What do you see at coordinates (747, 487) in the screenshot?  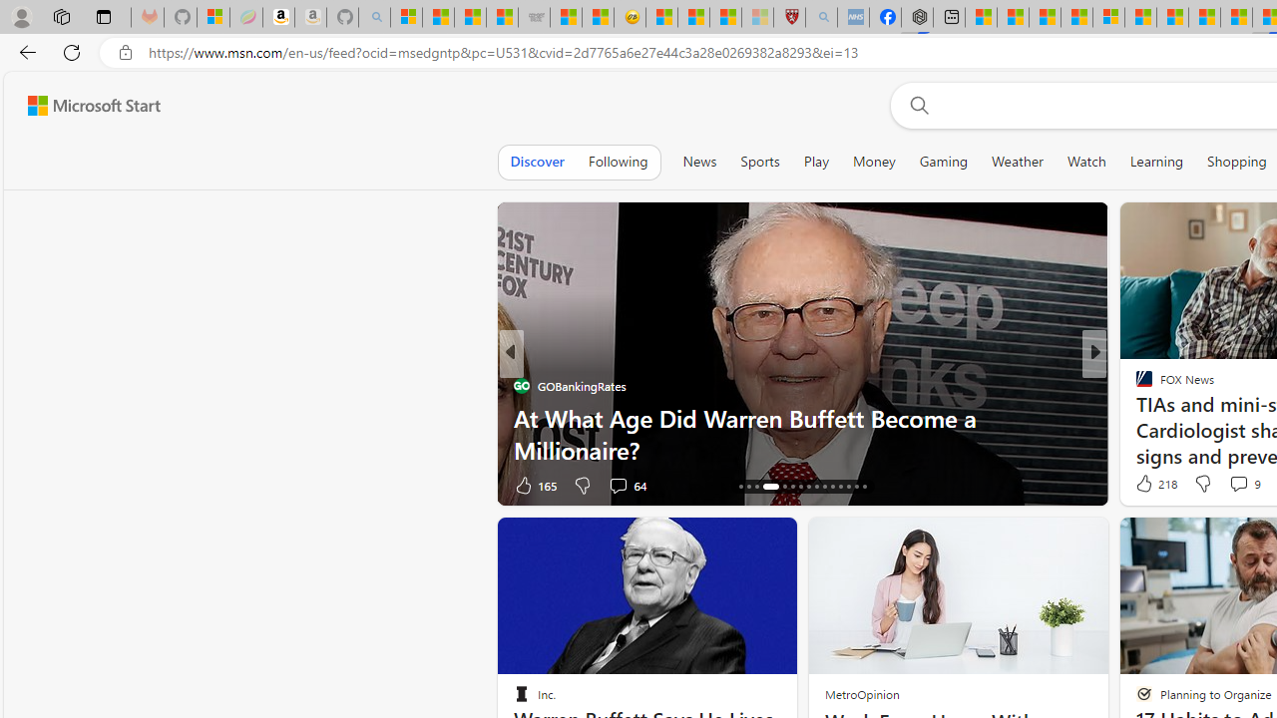 I see `'AutomationID: tab-17'` at bounding box center [747, 487].